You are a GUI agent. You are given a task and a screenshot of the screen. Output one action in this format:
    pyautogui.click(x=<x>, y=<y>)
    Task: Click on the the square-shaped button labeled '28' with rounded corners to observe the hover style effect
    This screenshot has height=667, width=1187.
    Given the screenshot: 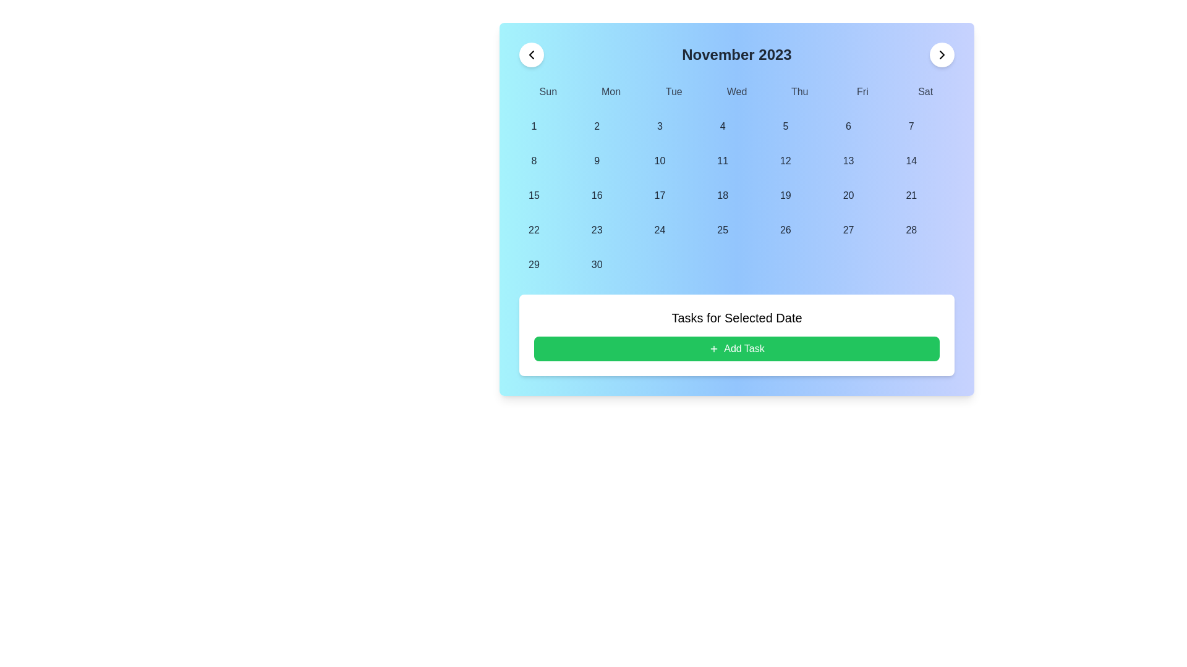 What is the action you would take?
    pyautogui.click(x=911, y=230)
    